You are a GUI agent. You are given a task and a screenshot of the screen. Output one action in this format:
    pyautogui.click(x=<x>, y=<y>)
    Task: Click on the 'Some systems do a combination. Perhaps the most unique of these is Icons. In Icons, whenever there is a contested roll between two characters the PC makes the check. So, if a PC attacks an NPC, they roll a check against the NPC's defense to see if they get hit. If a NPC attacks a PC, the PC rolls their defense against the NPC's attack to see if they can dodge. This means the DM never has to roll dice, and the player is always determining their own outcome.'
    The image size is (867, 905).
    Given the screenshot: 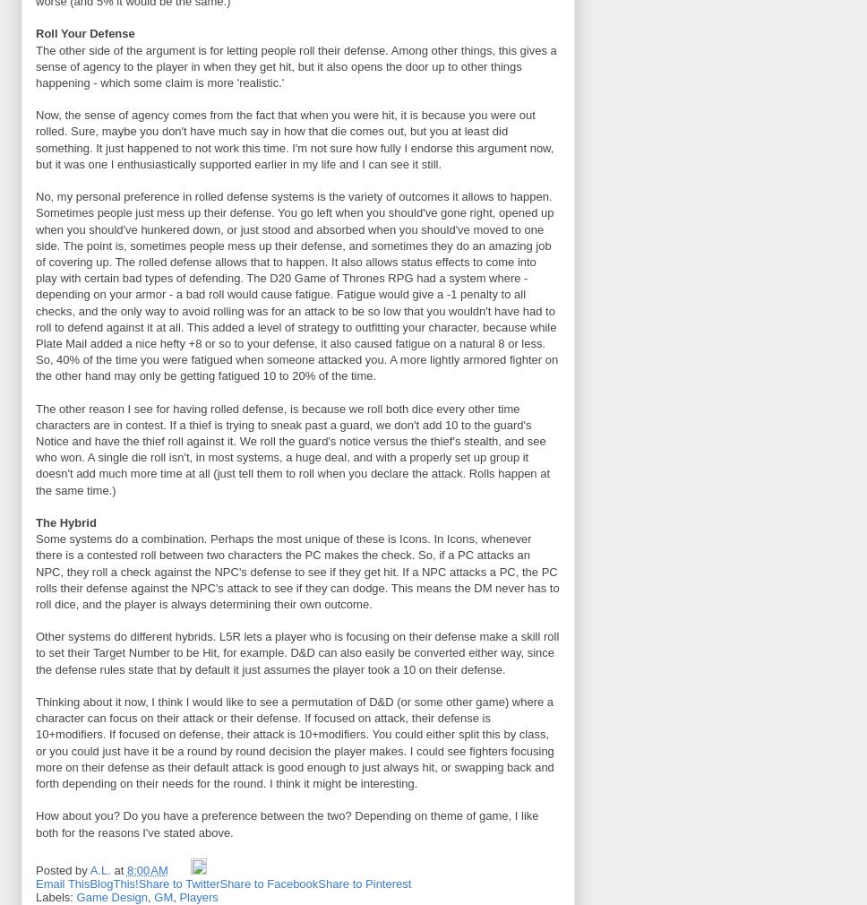 What is the action you would take?
    pyautogui.click(x=297, y=570)
    